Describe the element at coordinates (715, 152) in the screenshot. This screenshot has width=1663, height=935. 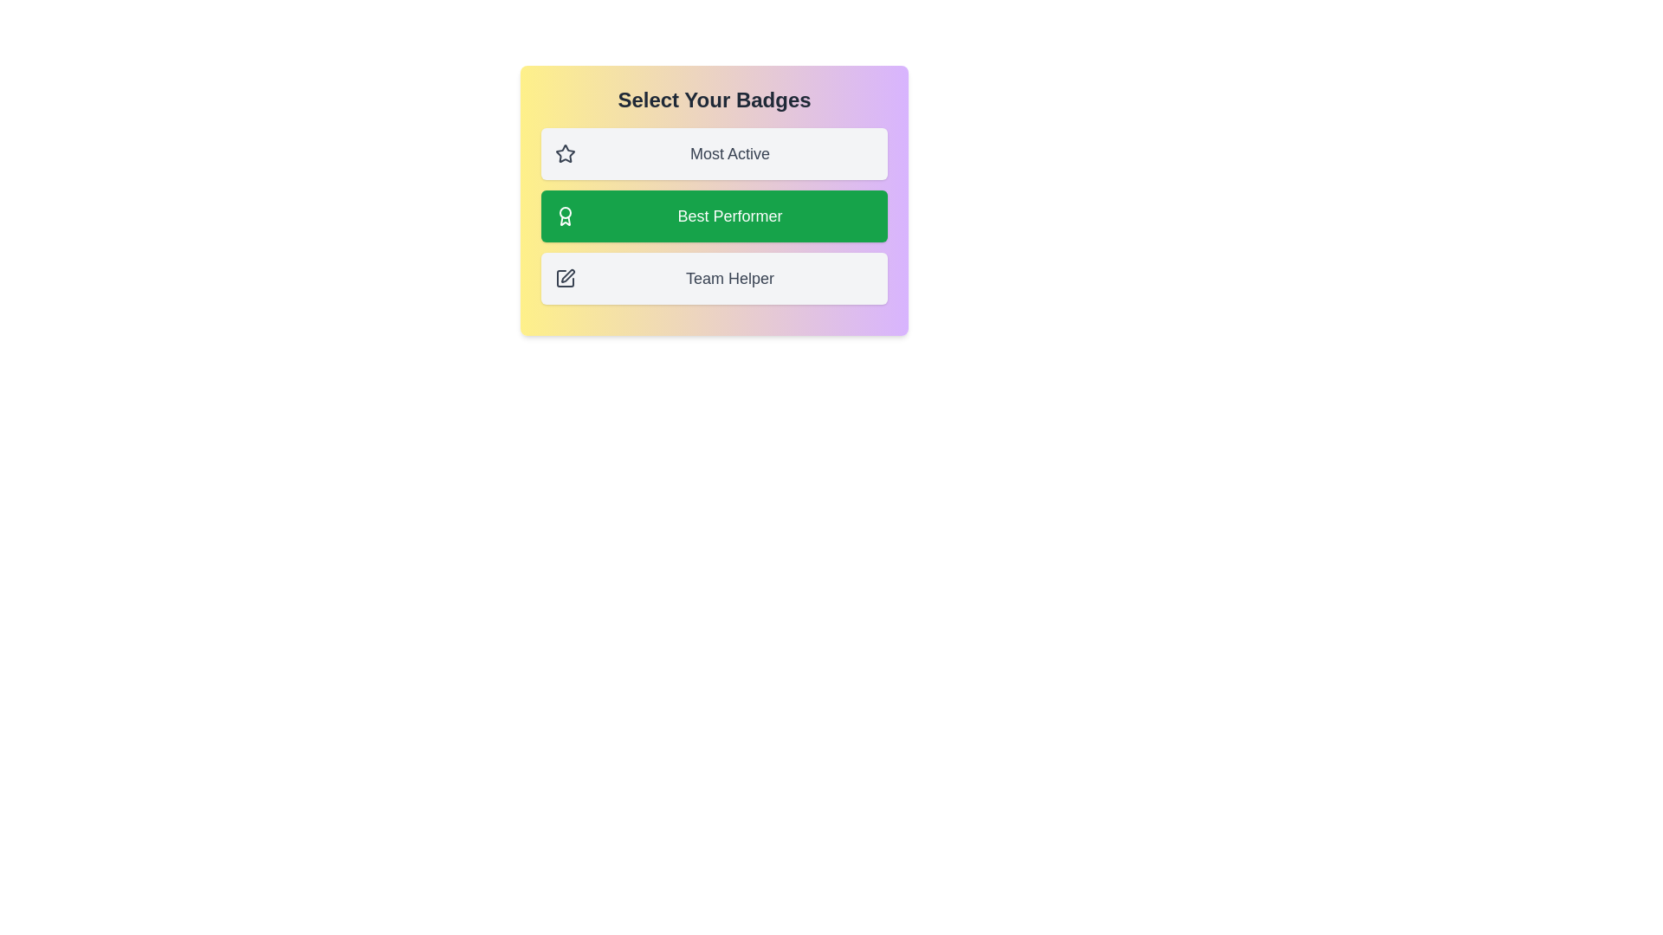
I see `the badge item Most Active` at that location.